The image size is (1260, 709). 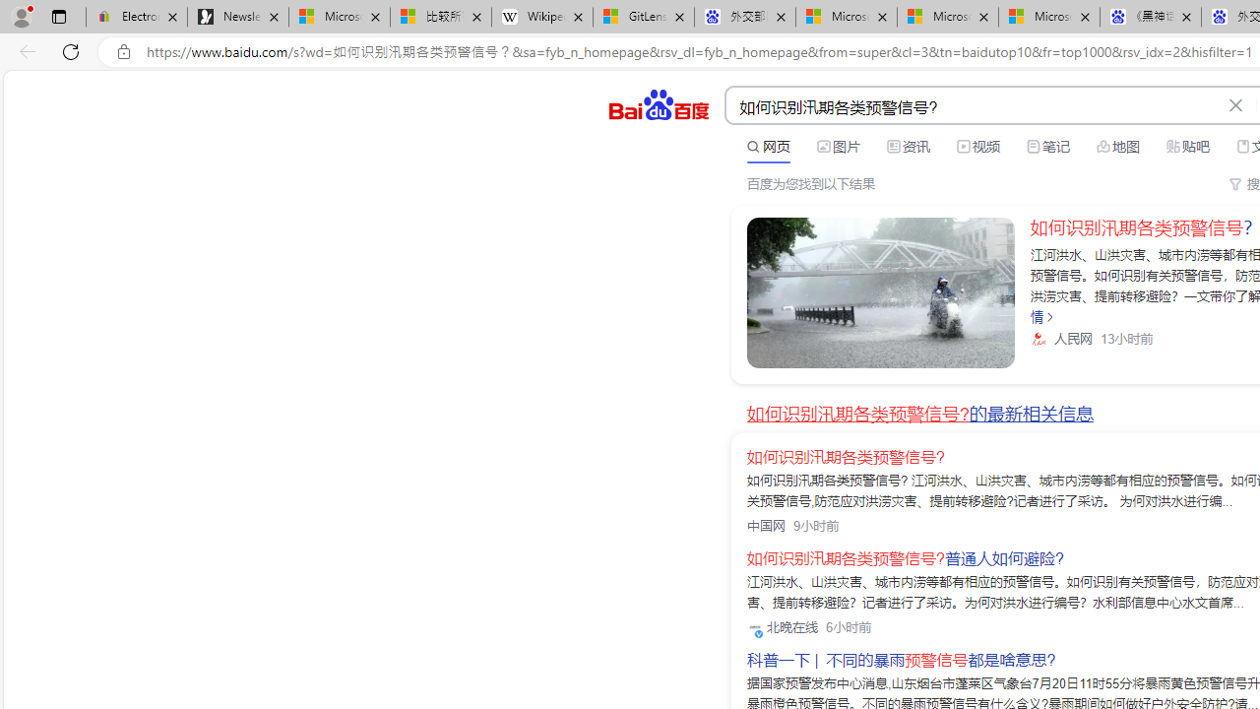 What do you see at coordinates (236, 17) in the screenshot?
I see `'Newsletter Sign Up'` at bounding box center [236, 17].